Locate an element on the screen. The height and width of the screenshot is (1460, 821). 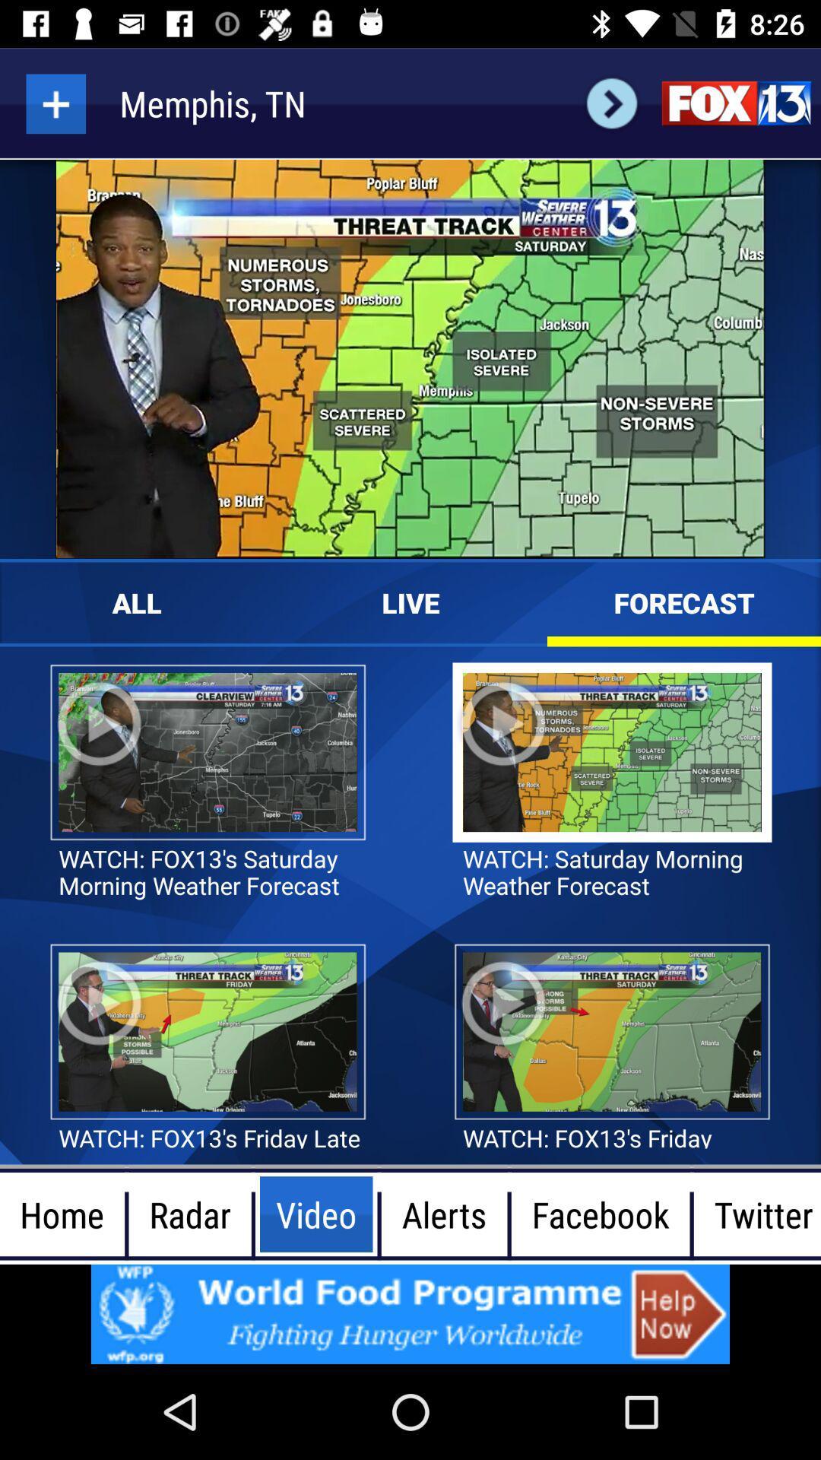
the second option in menu bar is located at coordinates (189, 1214).